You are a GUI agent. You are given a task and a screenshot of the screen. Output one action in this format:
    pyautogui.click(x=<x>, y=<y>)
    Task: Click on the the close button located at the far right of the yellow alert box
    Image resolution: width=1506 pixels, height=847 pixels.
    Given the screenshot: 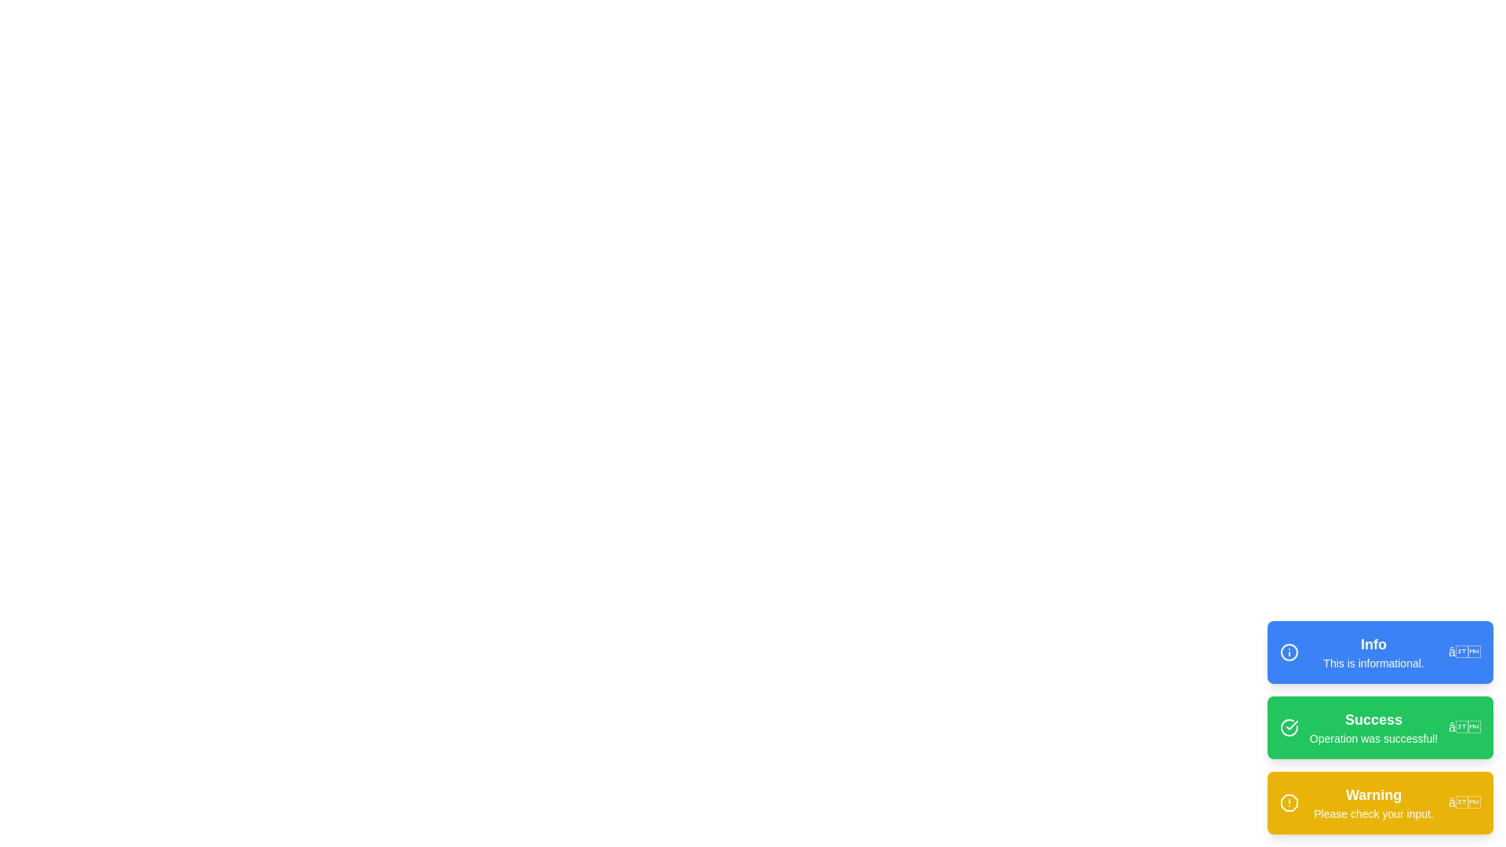 What is the action you would take?
    pyautogui.click(x=1464, y=802)
    